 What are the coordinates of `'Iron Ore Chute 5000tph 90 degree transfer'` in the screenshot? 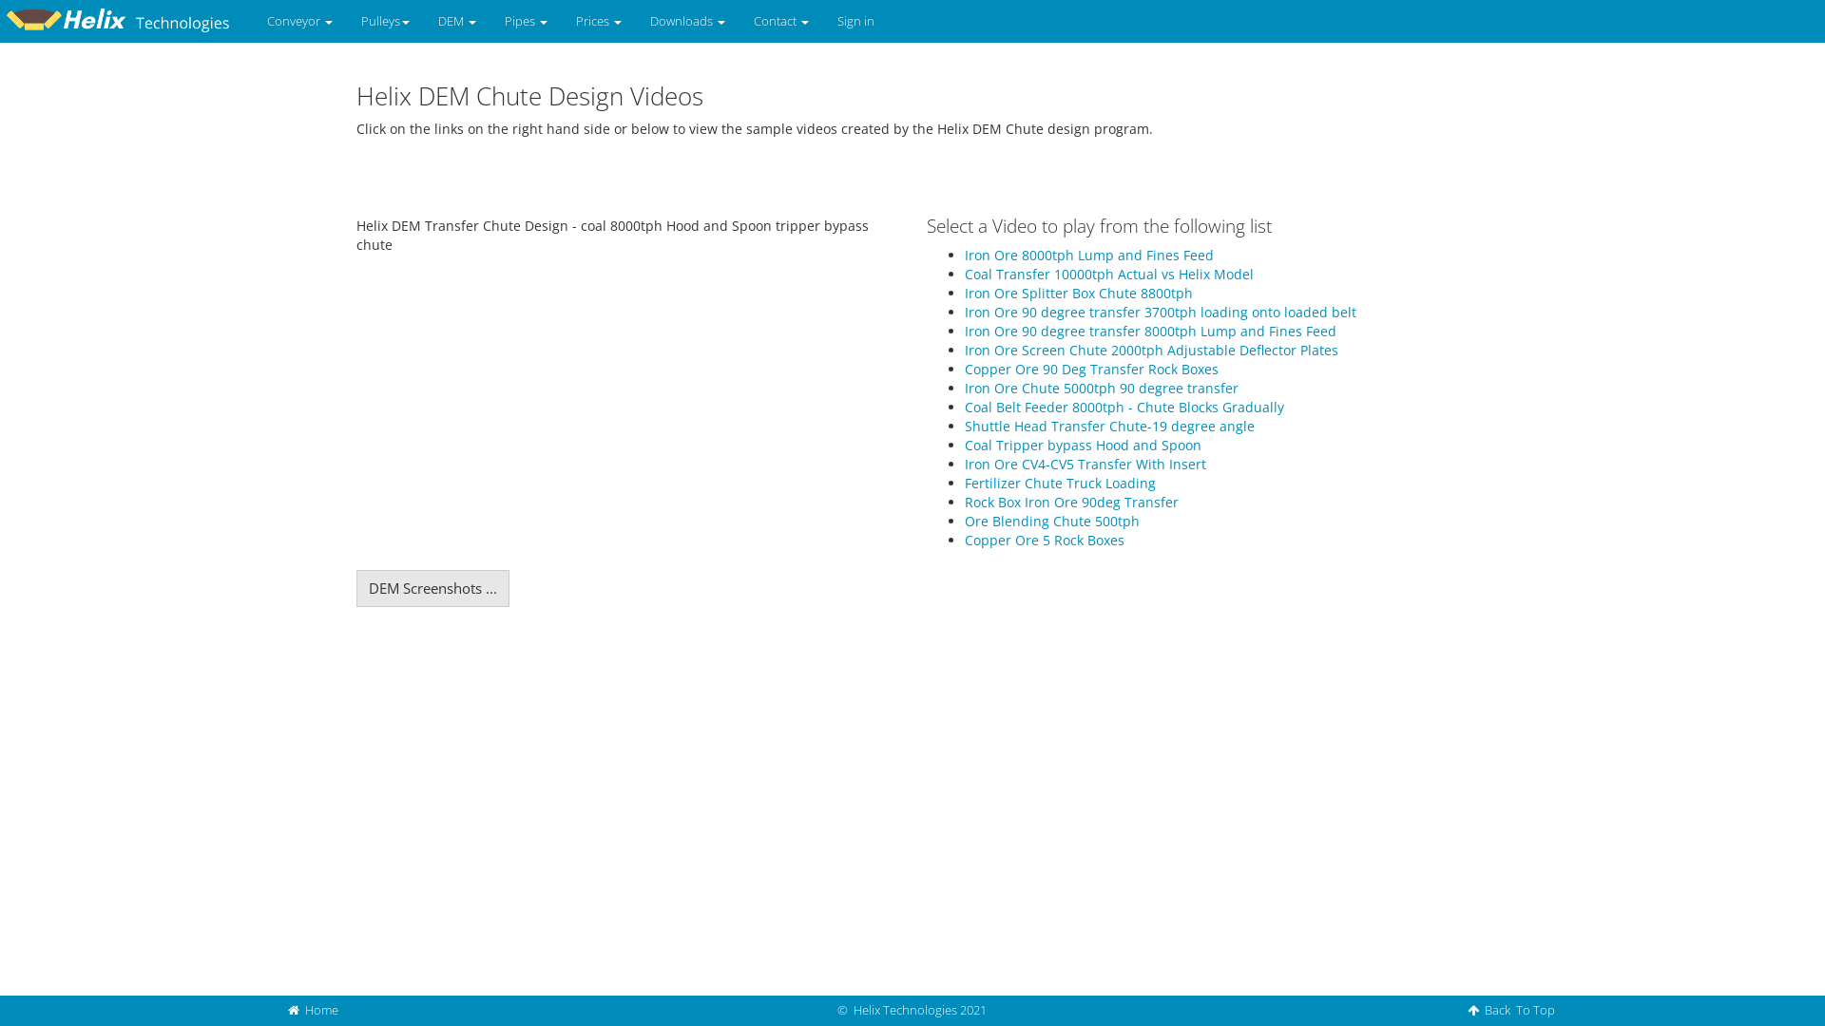 It's located at (1101, 387).